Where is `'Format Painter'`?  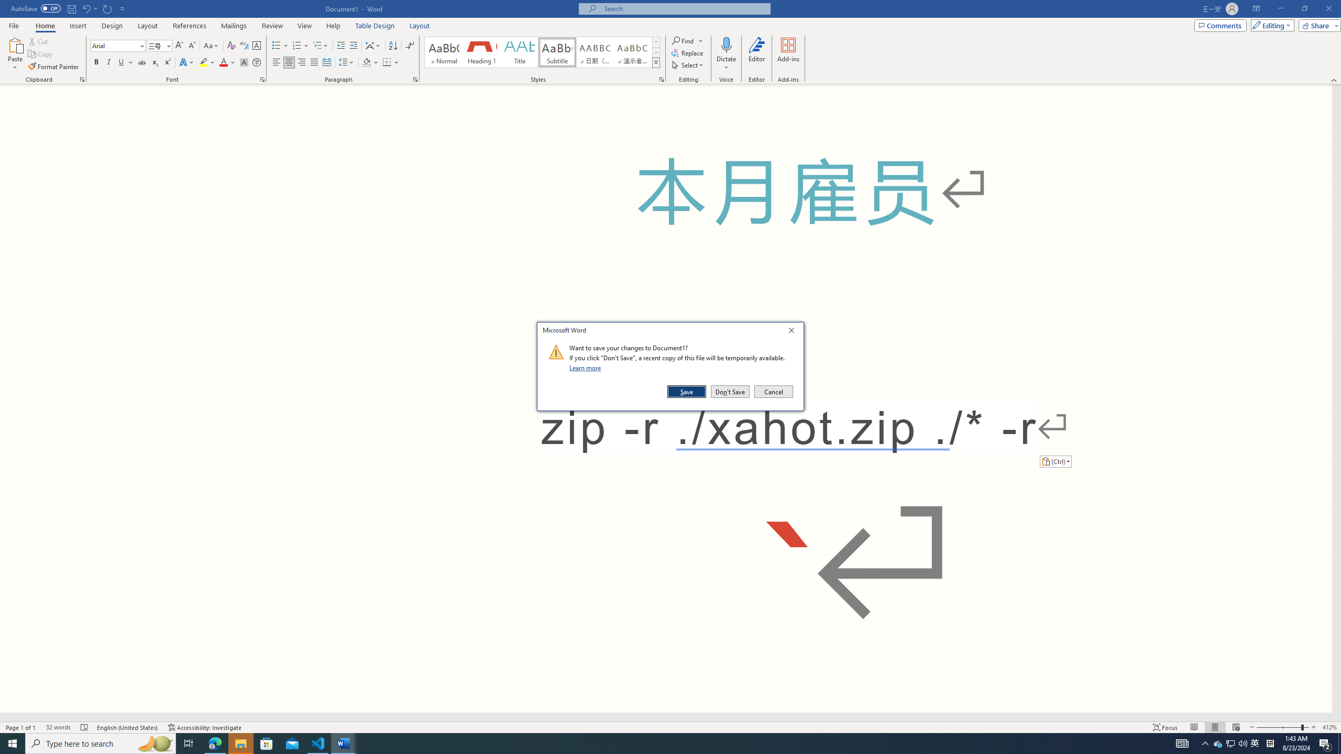 'Format Painter' is located at coordinates (53, 66).